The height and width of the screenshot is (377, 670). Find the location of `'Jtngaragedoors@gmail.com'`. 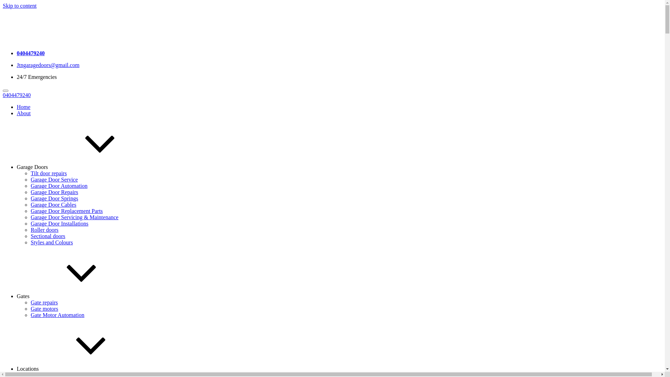

'Jtngaragedoors@gmail.com' is located at coordinates (48, 65).